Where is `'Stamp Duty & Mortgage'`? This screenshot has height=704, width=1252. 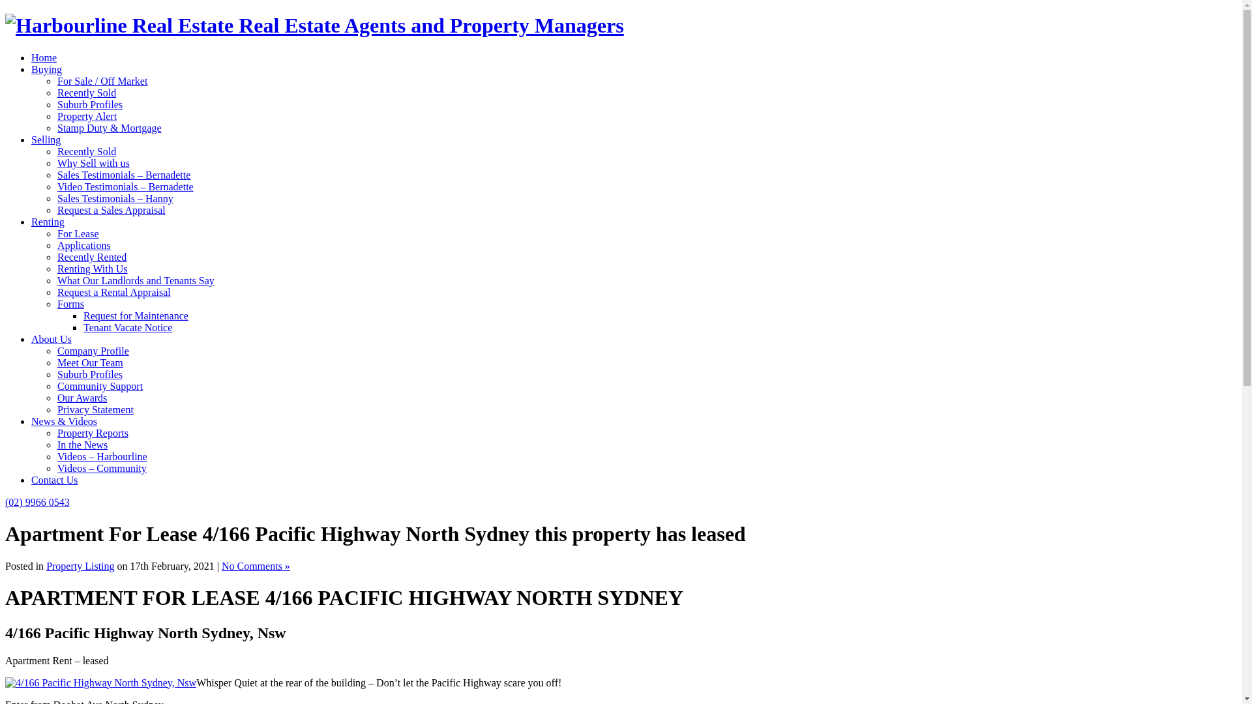 'Stamp Duty & Mortgage' is located at coordinates (110, 128).